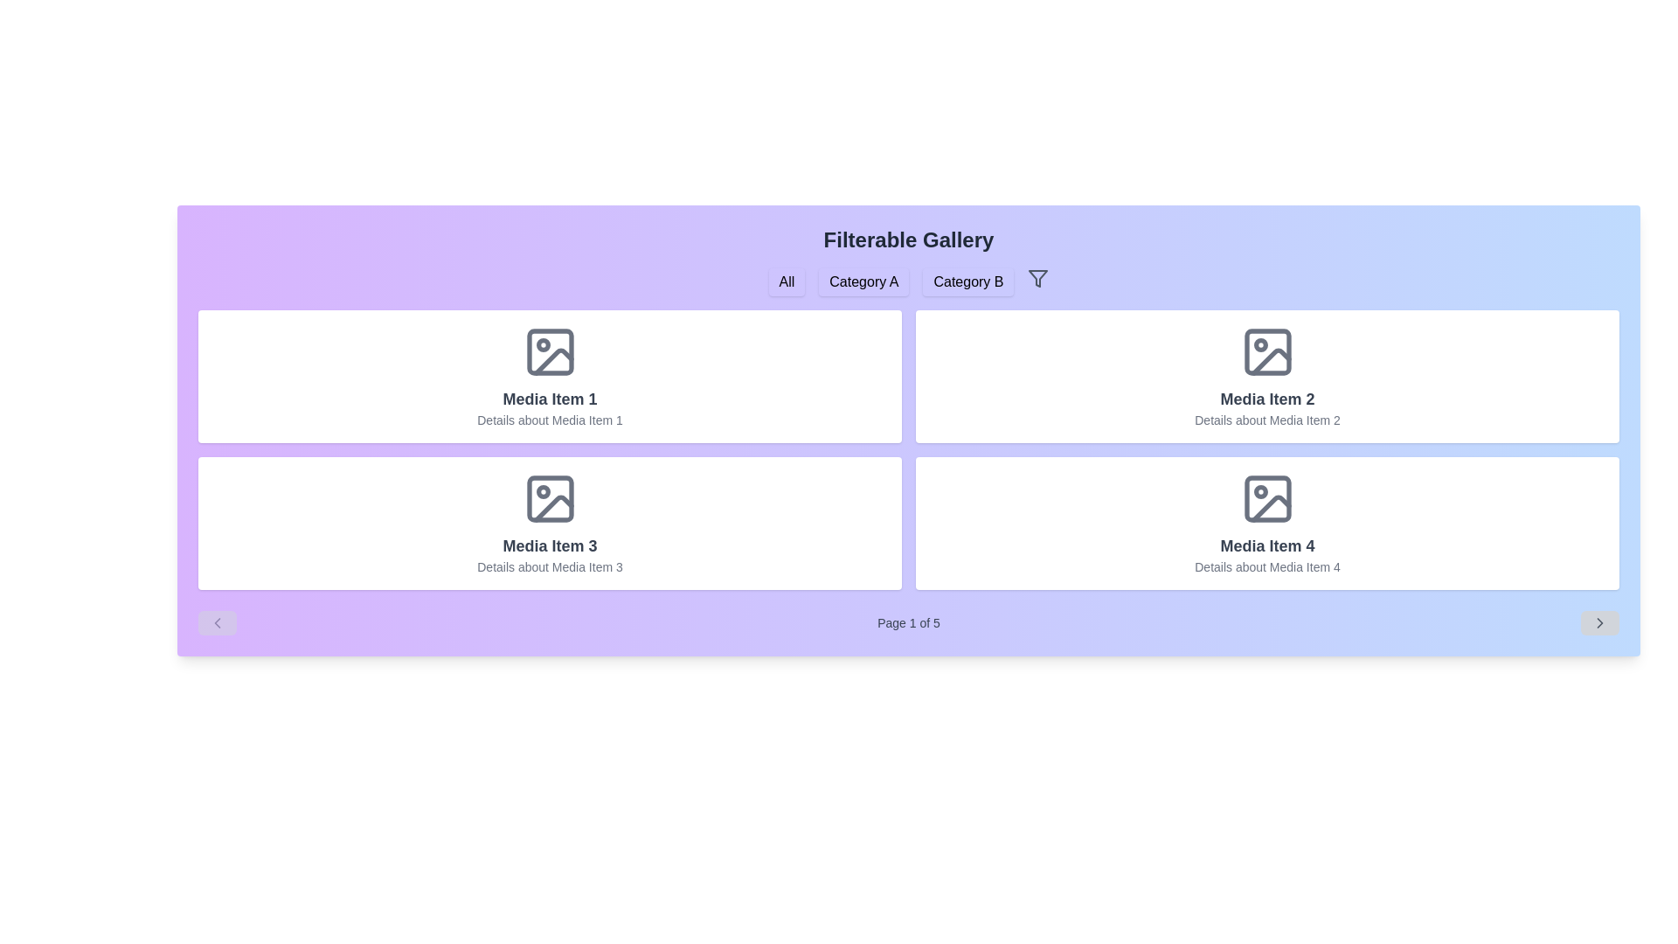  What do you see at coordinates (549, 522) in the screenshot?
I see `the details provided within the card element representing 'Media Item 3', which is the third item in a grid layout, located on the left side of the second row` at bounding box center [549, 522].